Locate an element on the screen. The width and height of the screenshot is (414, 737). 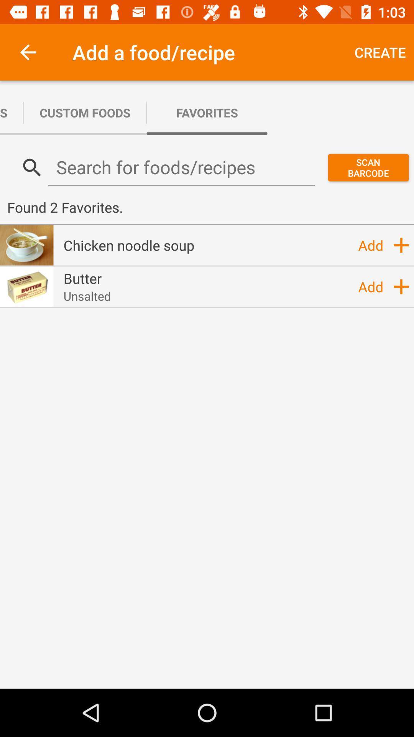
the butter icon is located at coordinates (82, 278).